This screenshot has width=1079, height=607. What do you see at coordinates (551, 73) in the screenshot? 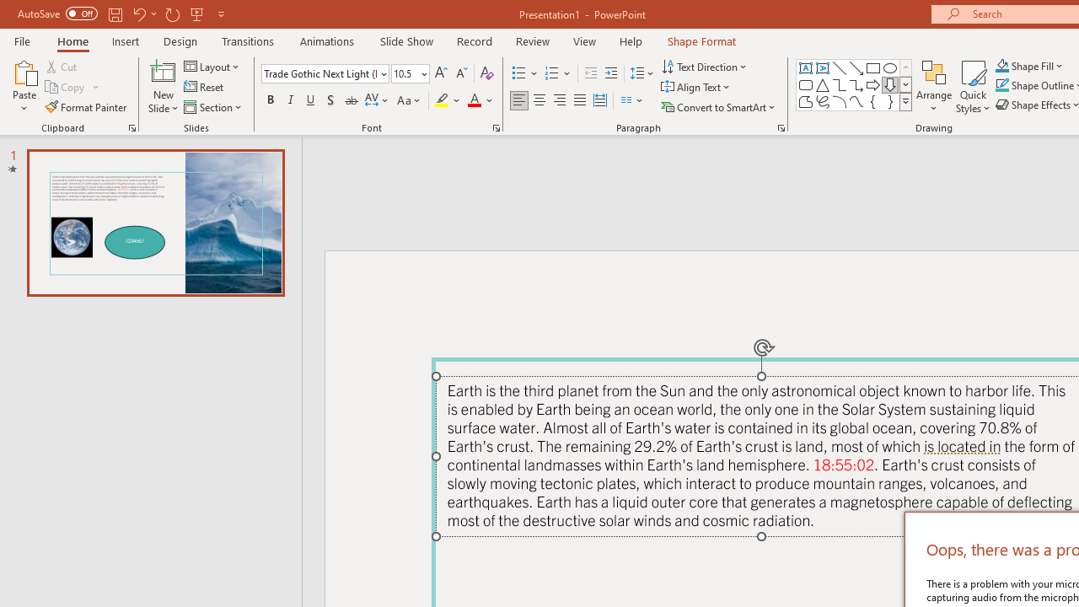
I see `'Numbering'` at bounding box center [551, 73].